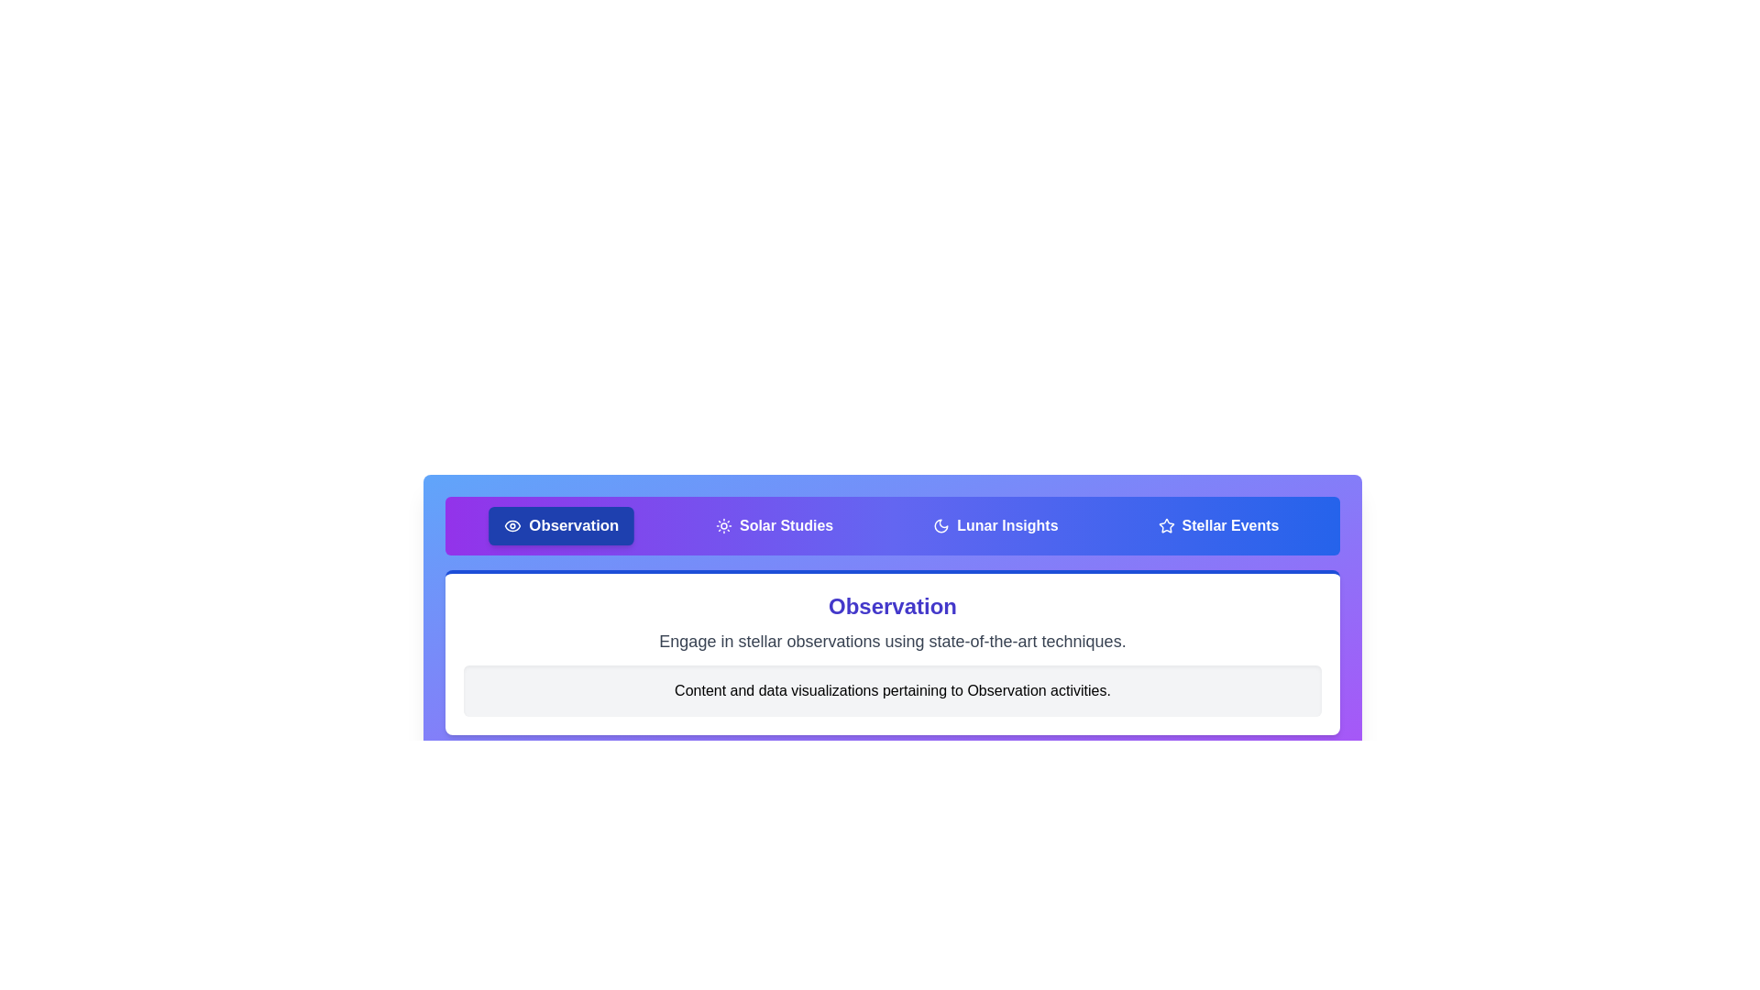 The width and height of the screenshot is (1760, 990). Describe the element at coordinates (995, 526) in the screenshot. I see `the tab labeled Lunar Insights to switch to its content` at that location.